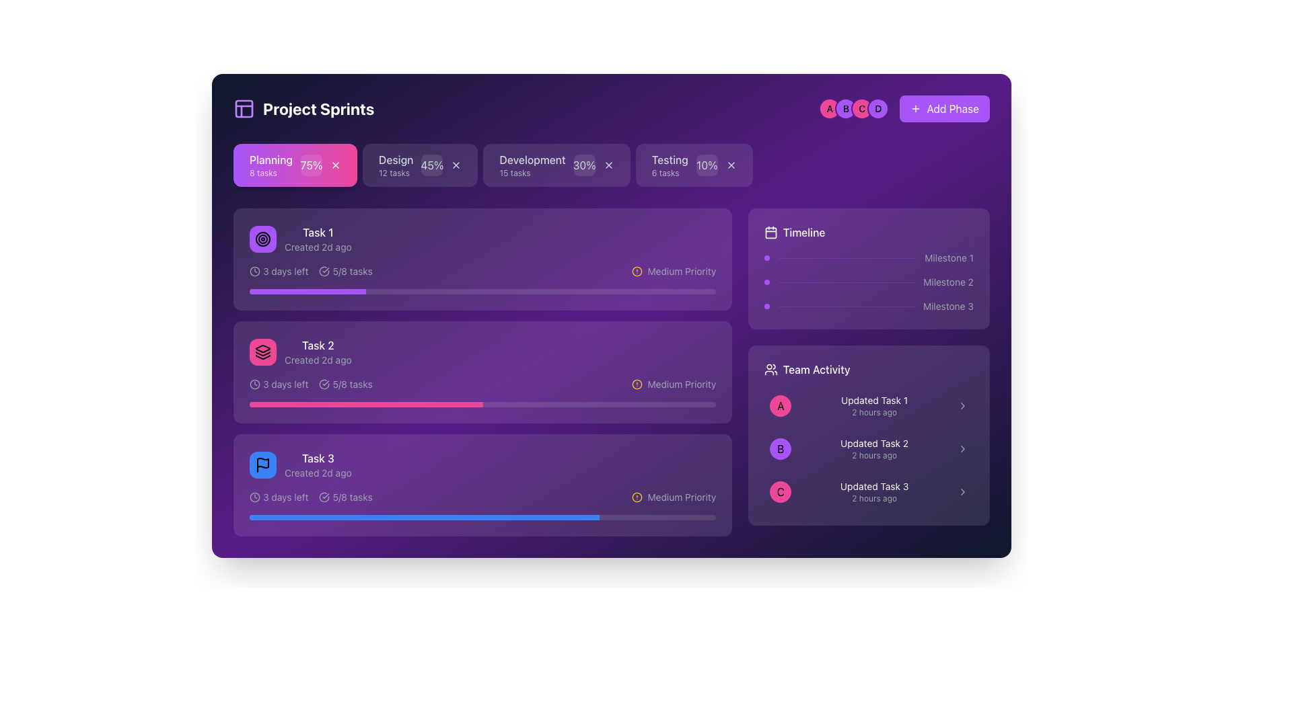 The height and width of the screenshot is (726, 1292). I want to click on the circular progress display indicating the status of the 'Planning' phase, located between the 'Planning 8 tasks' text and the interactive close icon, so click(310, 165).